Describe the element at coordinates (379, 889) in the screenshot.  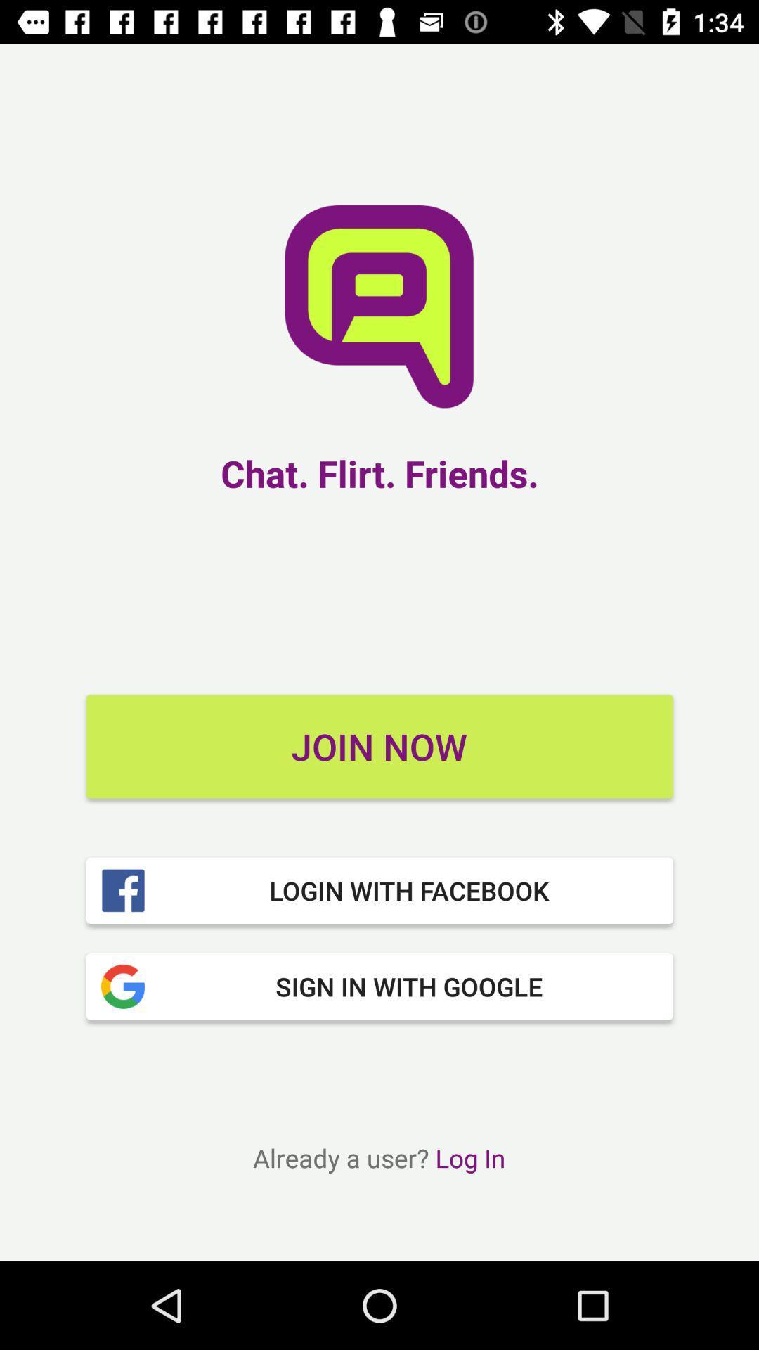
I see `the icon below the join now icon` at that location.